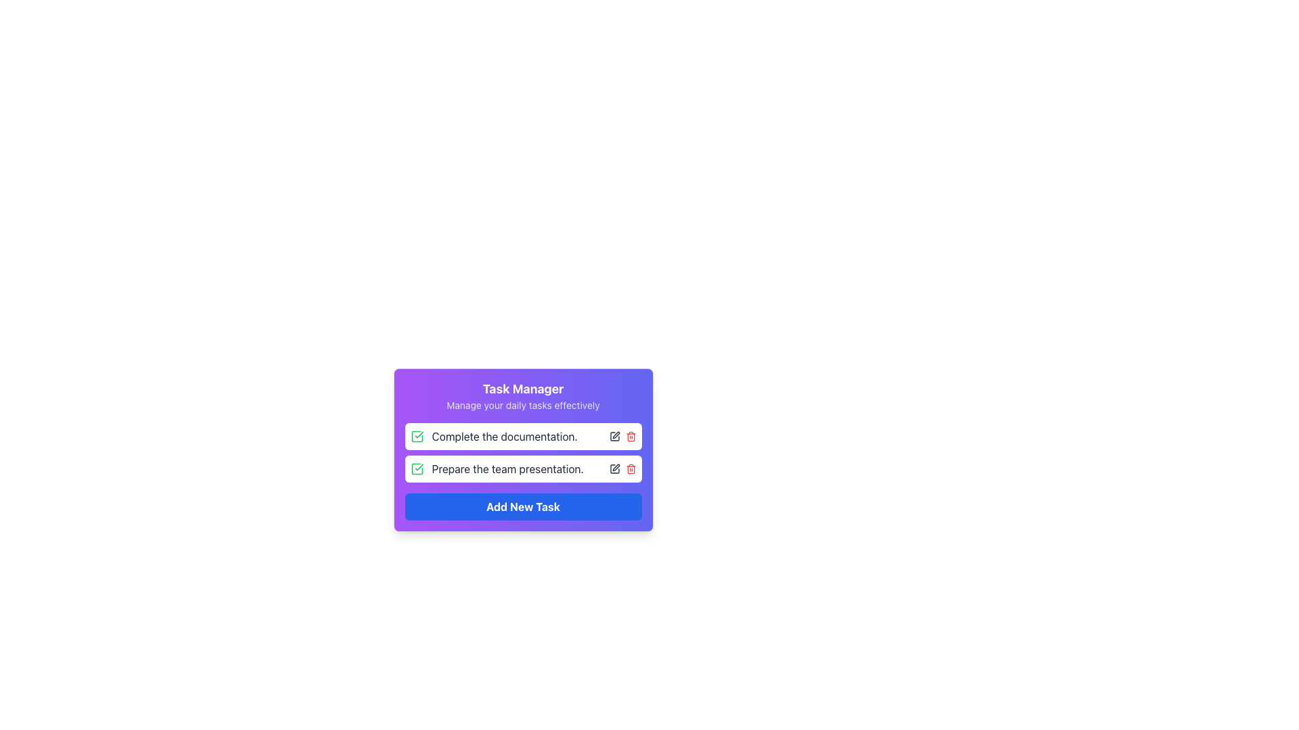 The image size is (1299, 730). Describe the element at coordinates (614, 436) in the screenshot. I see `the square pen icon button located in the 'Task Manager' interface beside the text 'Complete the documentation'` at that location.